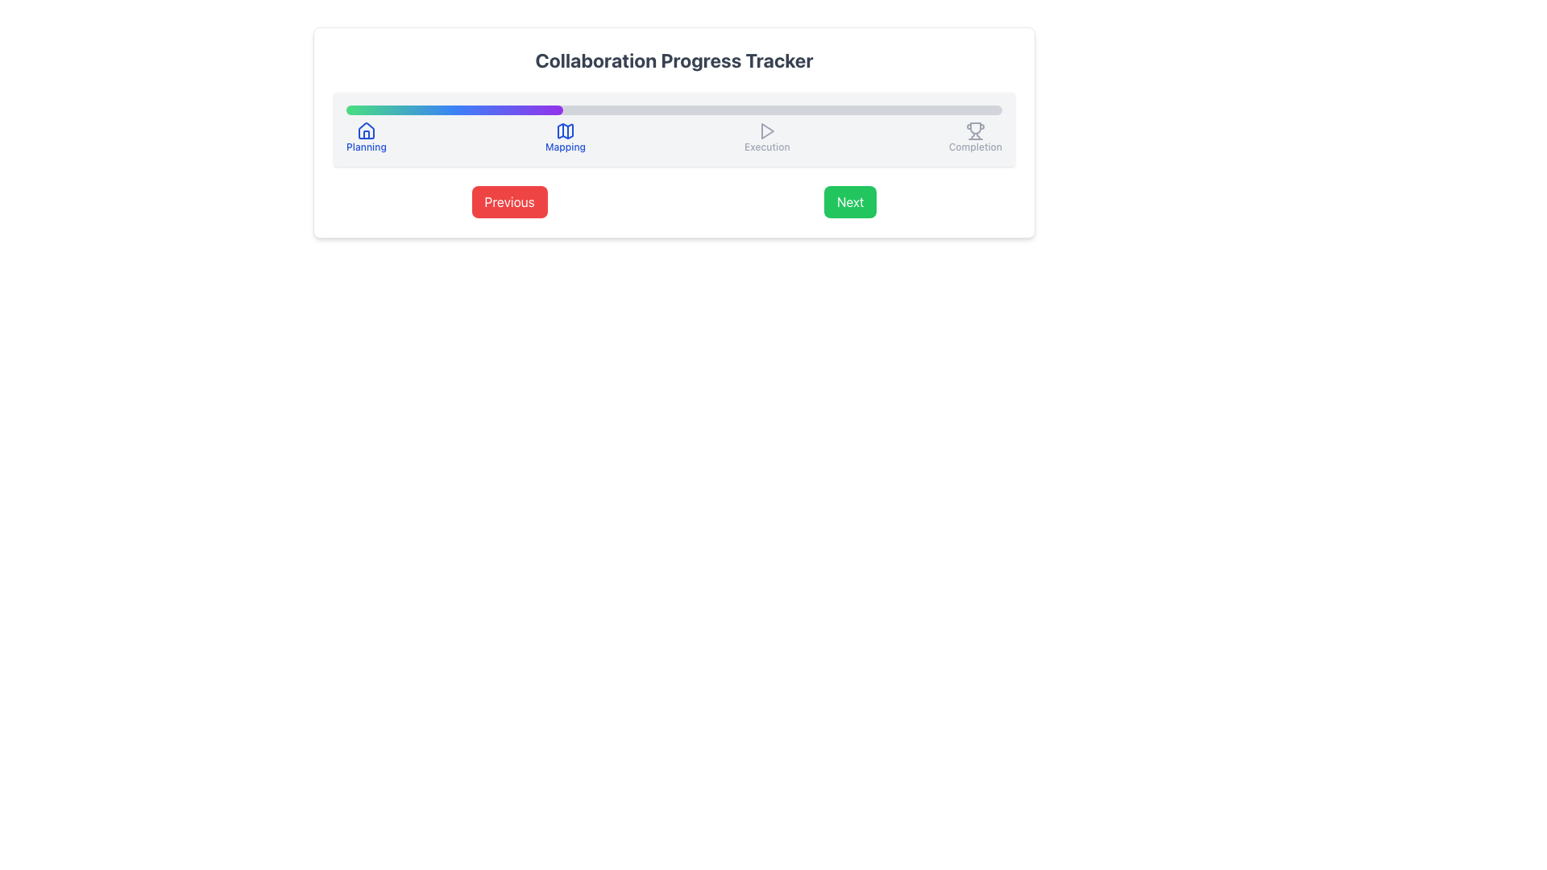 This screenshot has width=1547, height=870. I want to click on the play button icon located near the 'Execution' label within the progress tracker component, which is a small triangular shaped icon pointing to the right, so click(767, 130).